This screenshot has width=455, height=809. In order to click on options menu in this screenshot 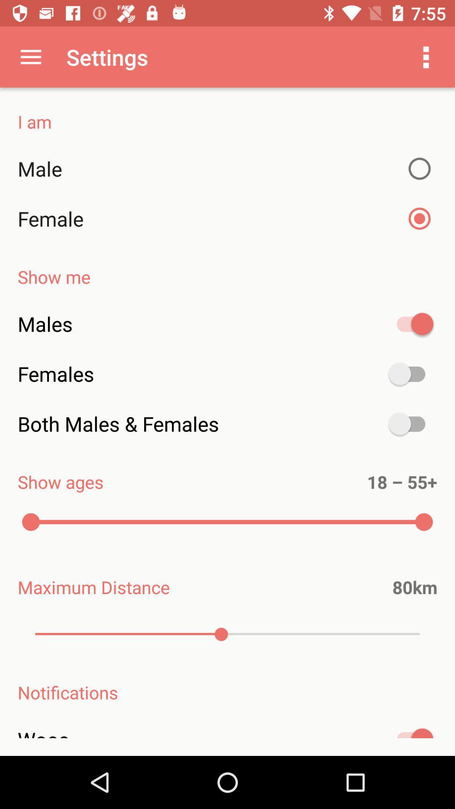, I will do `click(426, 56)`.